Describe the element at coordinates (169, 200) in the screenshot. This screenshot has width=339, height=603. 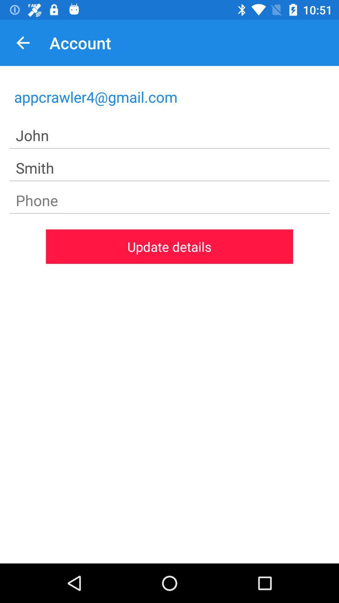
I see `item above update details` at that location.